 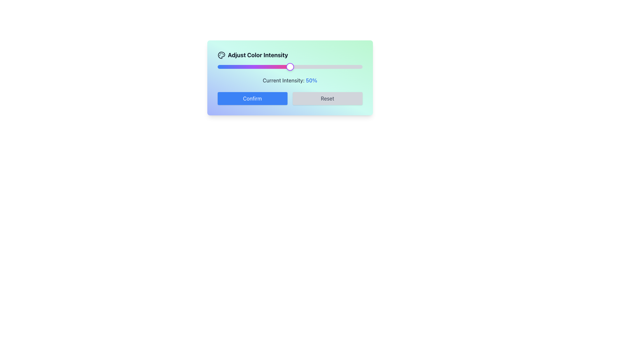 What do you see at coordinates (289, 80) in the screenshot?
I see `the text label displaying 'Current Intensity: 50%' with '50%' highlighted in blue, located below the slider bar and above the 'Confirm' and 'Reset' buttons` at bounding box center [289, 80].